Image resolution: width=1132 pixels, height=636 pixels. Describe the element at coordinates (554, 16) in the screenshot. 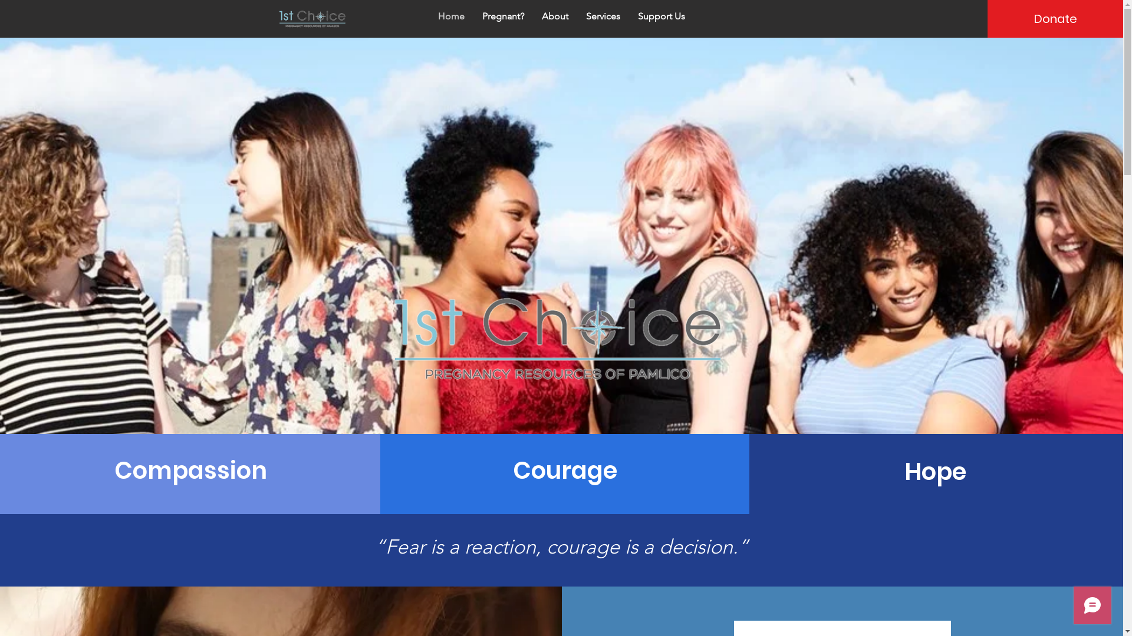

I see `'About'` at that location.